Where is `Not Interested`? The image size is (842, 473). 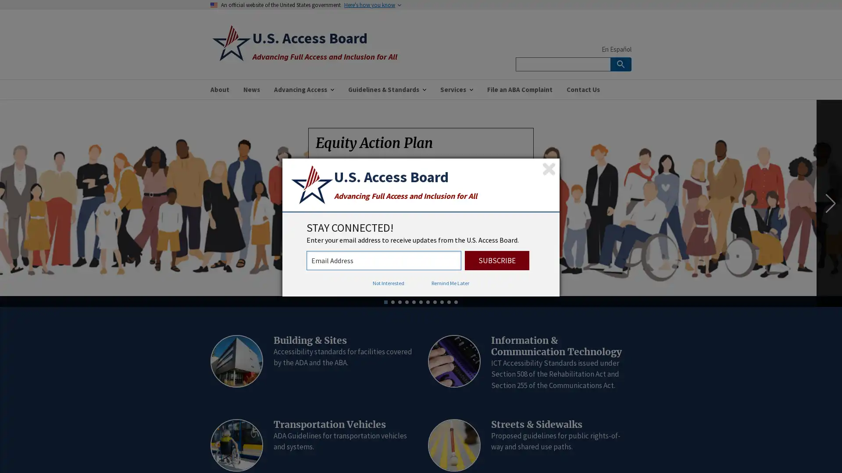 Not Interested is located at coordinates (388, 283).